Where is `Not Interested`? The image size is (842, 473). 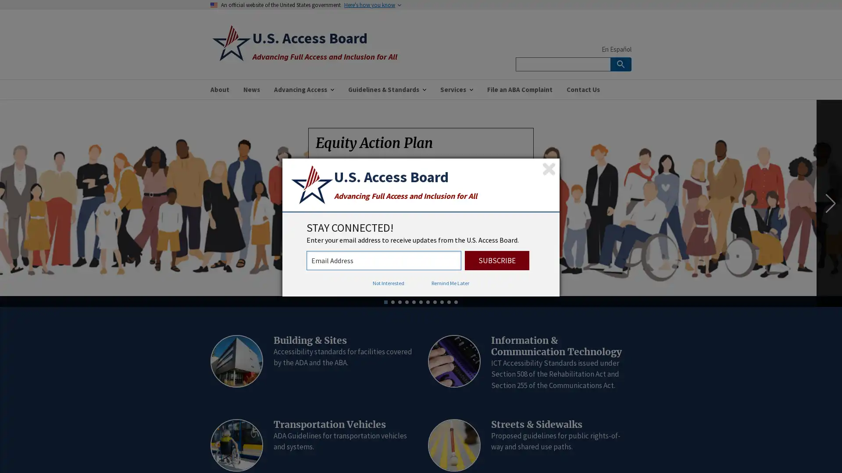 Not Interested is located at coordinates (388, 283).